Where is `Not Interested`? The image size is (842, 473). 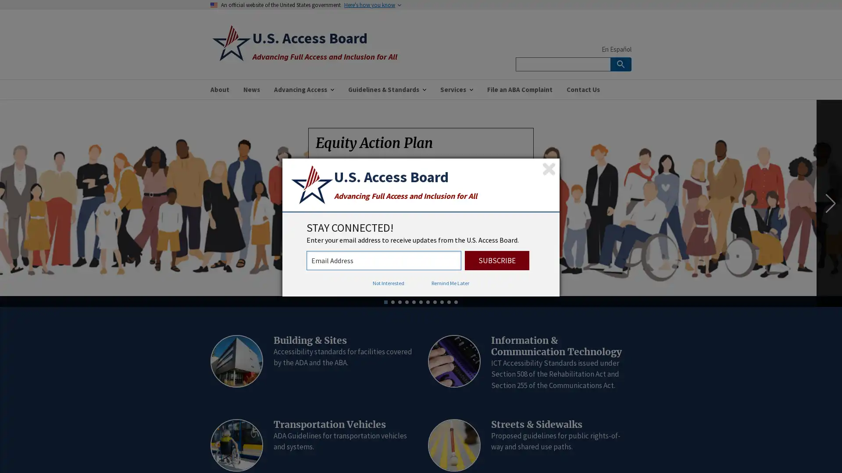 Not Interested is located at coordinates (388, 283).